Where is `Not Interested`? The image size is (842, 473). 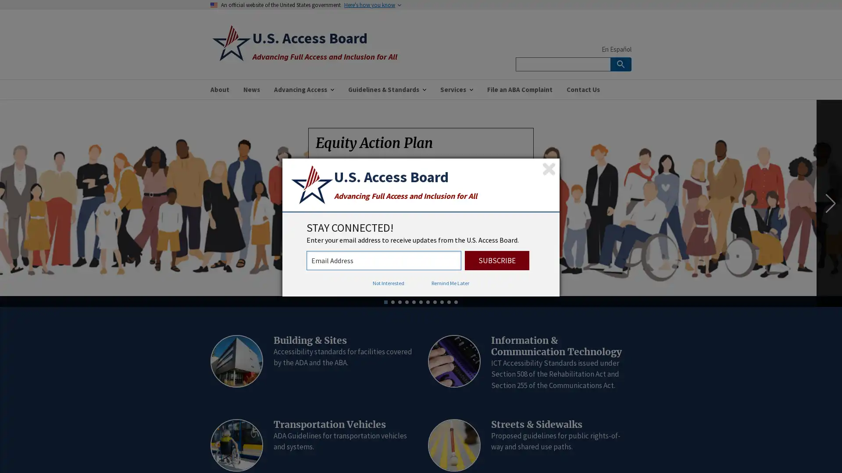 Not Interested is located at coordinates (388, 283).